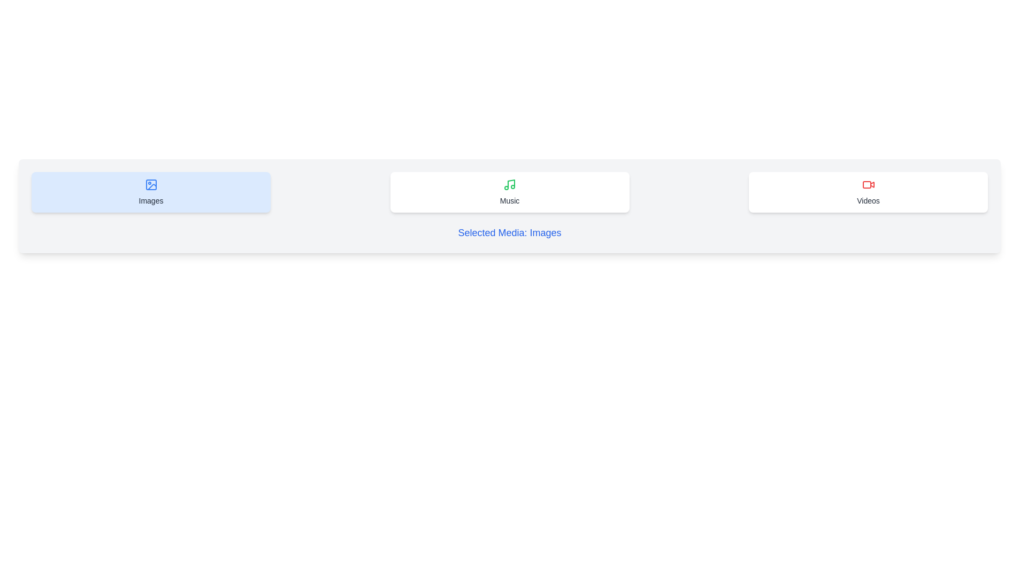 The height and width of the screenshot is (577, 1027). I want to click on the 'Music' button to select it, so click(509, 191).